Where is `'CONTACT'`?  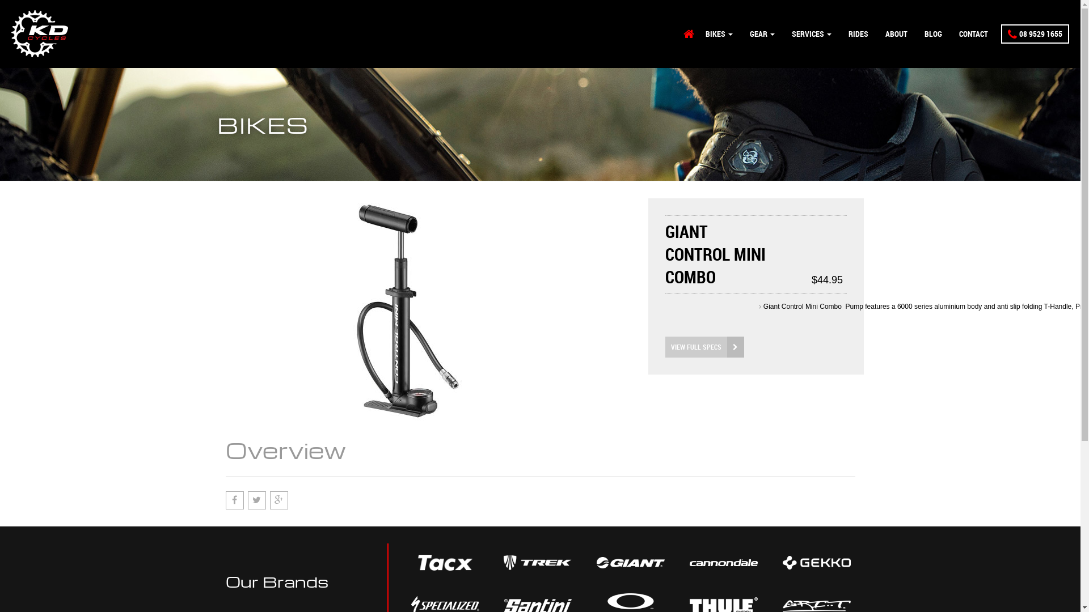 'CONTACT' is located at coordinates (950, 33).